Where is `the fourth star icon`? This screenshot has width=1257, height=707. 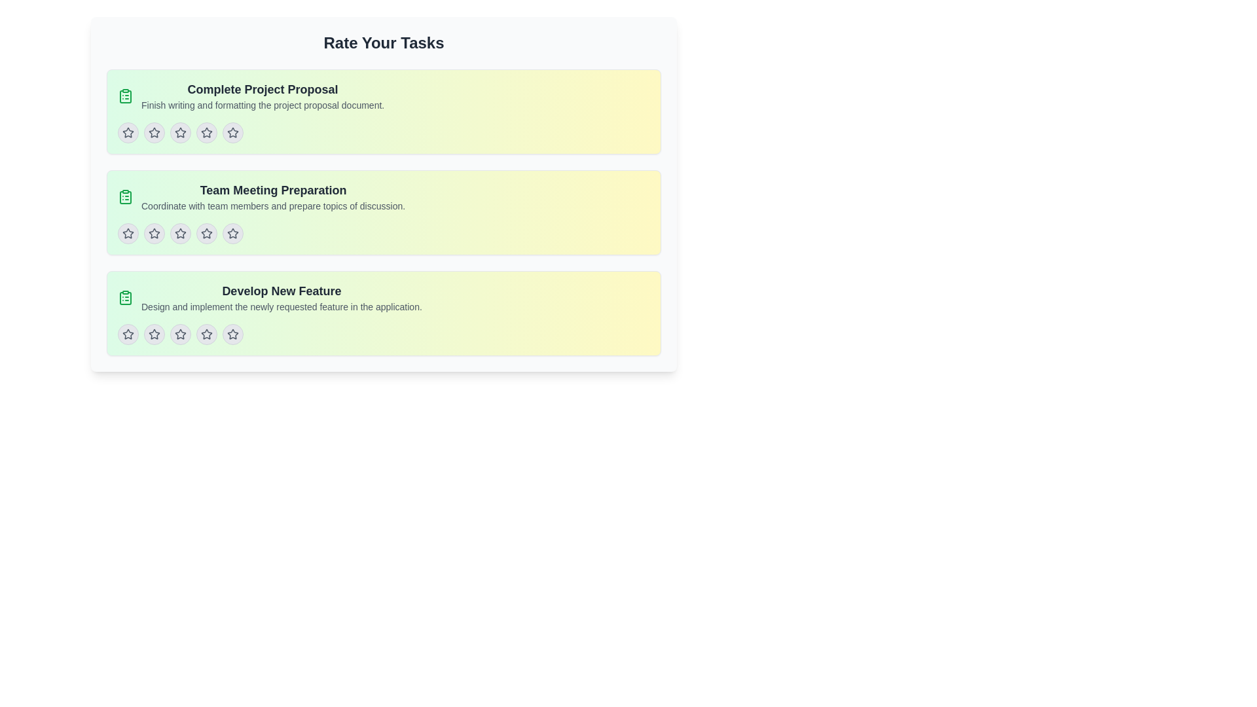
the fourth star icon is located at coordinates (232, 132).